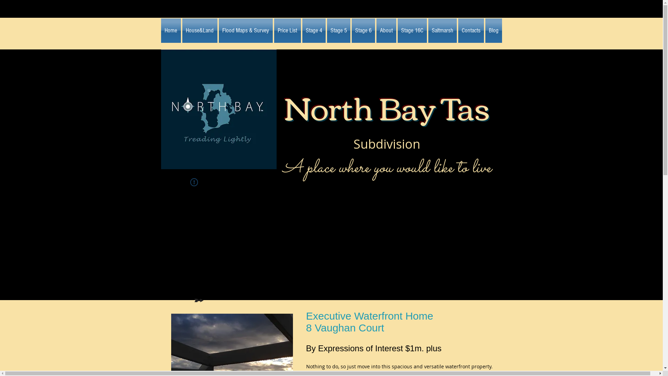  Describe the element at coordinates (199, 30) in the screenshot. I see `'House&Land'` at that location.